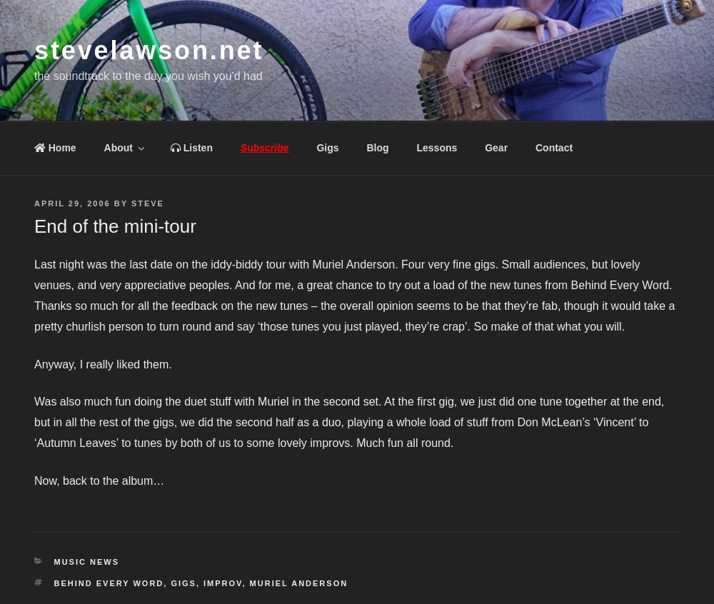 Image resolution: width=714 pixels, height=604 pixels. What do you see at coordinates (353, 295) in the screenshot?
I see `'Last night was the last date on the iddy-biddy tour with Muriel Anderson. Four very fine gigs. Small audiences, but lovely venues, and very appreciative peoples. And for me, a great chance to try out a load of the new tunes from Behind Every Word. Thanks so much for all the feedback on the new tunes – the overall opinion seems to be that they’re fab, though it would take a pretty churlish person to turn round and say ‘those tunes you just played, they’re crap’. So make of that what you will.'` at bounding box center [353, 295].